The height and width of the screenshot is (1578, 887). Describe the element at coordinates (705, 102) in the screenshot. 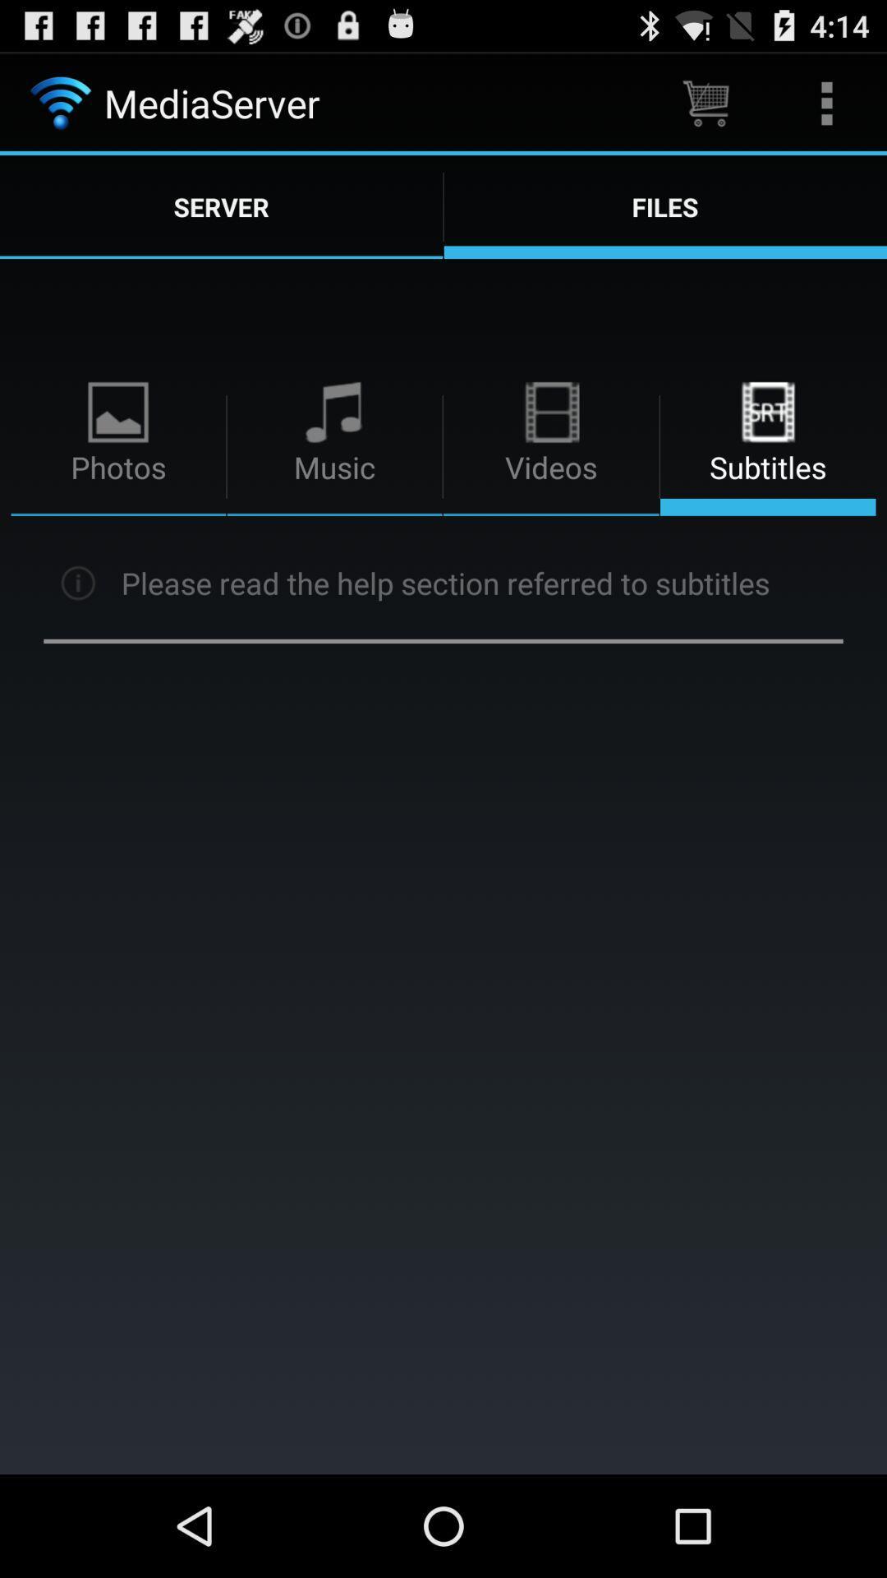

I see `icon next to the mediaserver item` at that location.